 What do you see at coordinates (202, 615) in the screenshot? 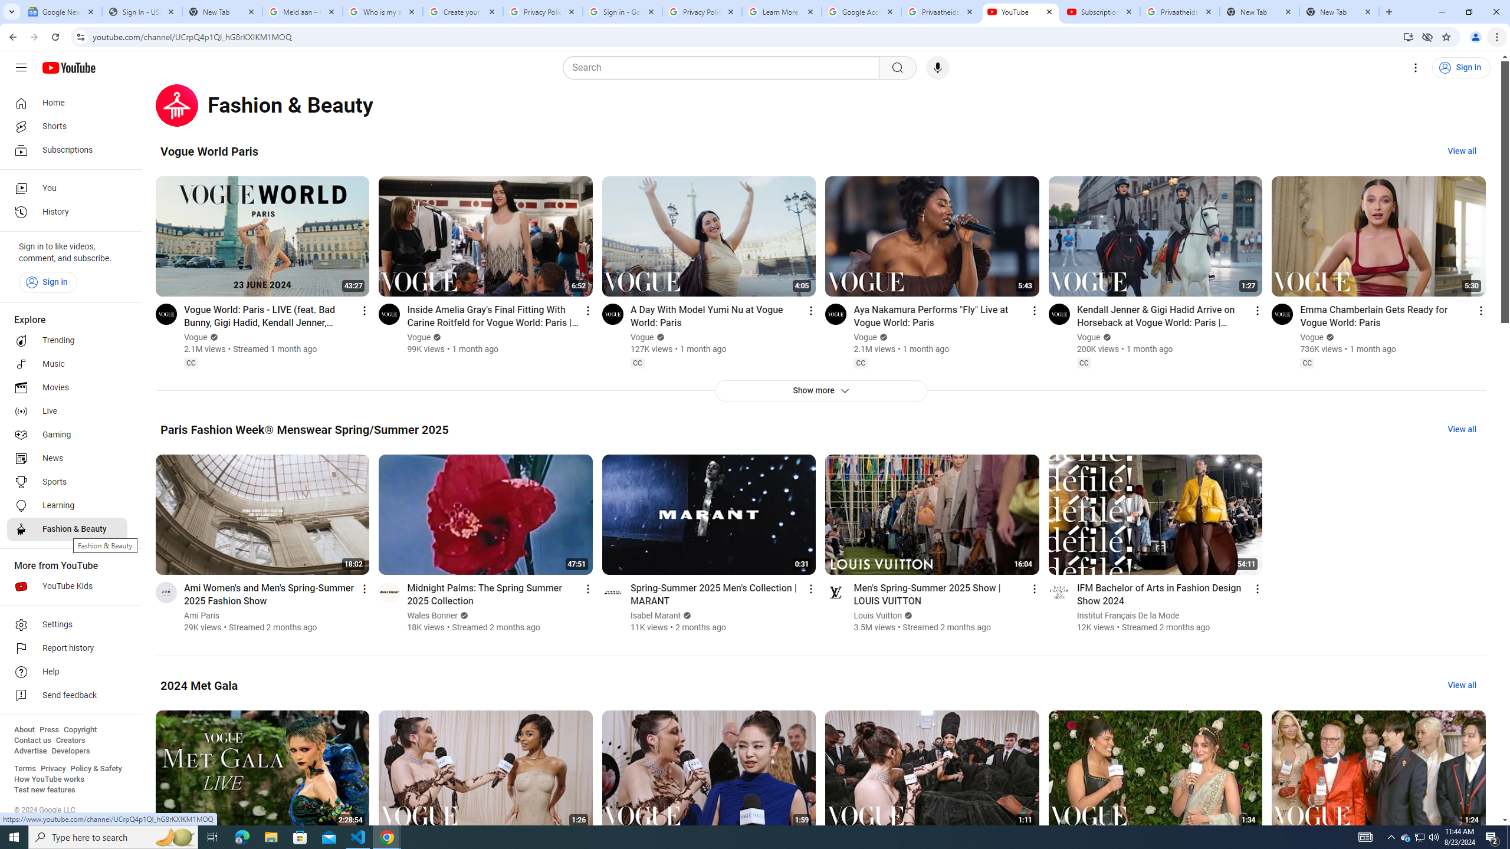
I see `'Ami Paris'` at bounding box center [202, 615].